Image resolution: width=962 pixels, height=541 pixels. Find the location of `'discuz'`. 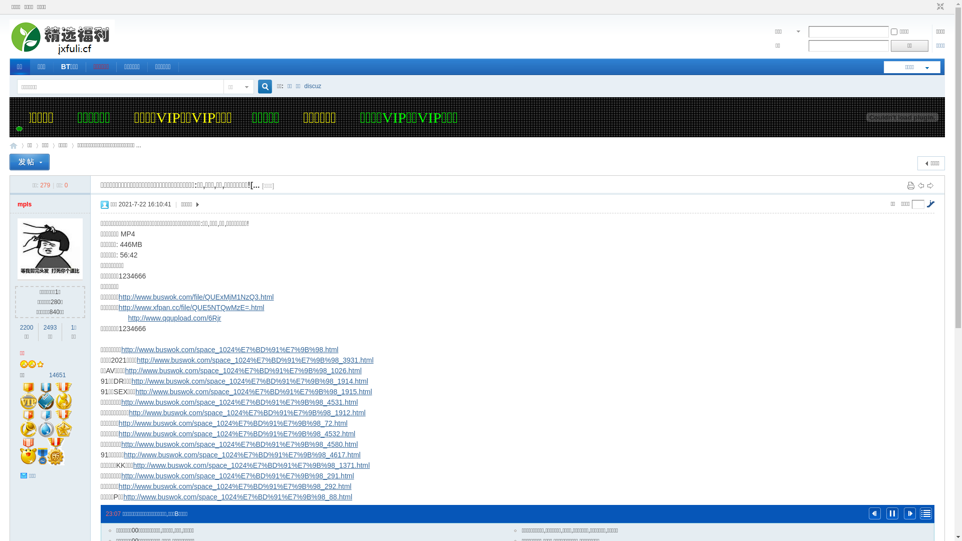

'discuz' is located at coordinates (303, 86).